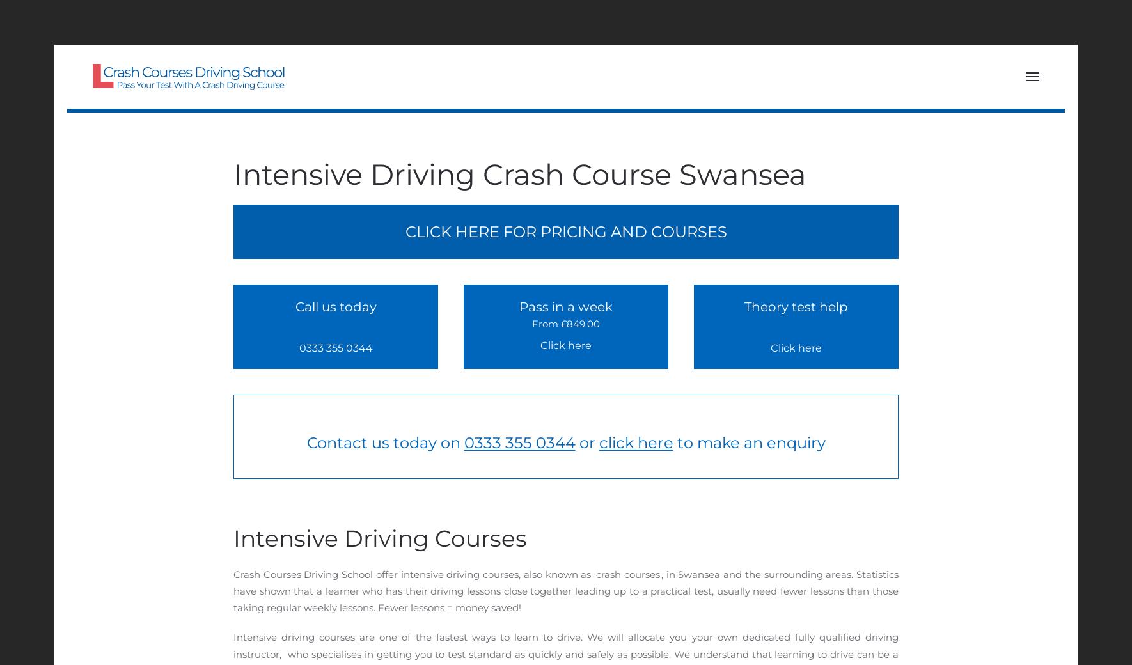 The image size is (1132, 665). I want to click on 'Crash Courses Driving School offer intensive driving courses, also known as 'crash courses', in Swansea and the surrounding areas. Statistics have shown that a learner who has their driving lessons close together leading up to a practical test, usually need fewer lessons than those taking regular weekly lessons. Fewer lessons = money saved!', so click(232, 591).